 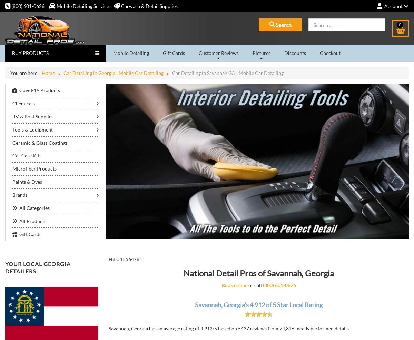 What do you see at coordinates (116, 203) in the screenshot?
I see `'PDP'` at bounding box center [116, 203].